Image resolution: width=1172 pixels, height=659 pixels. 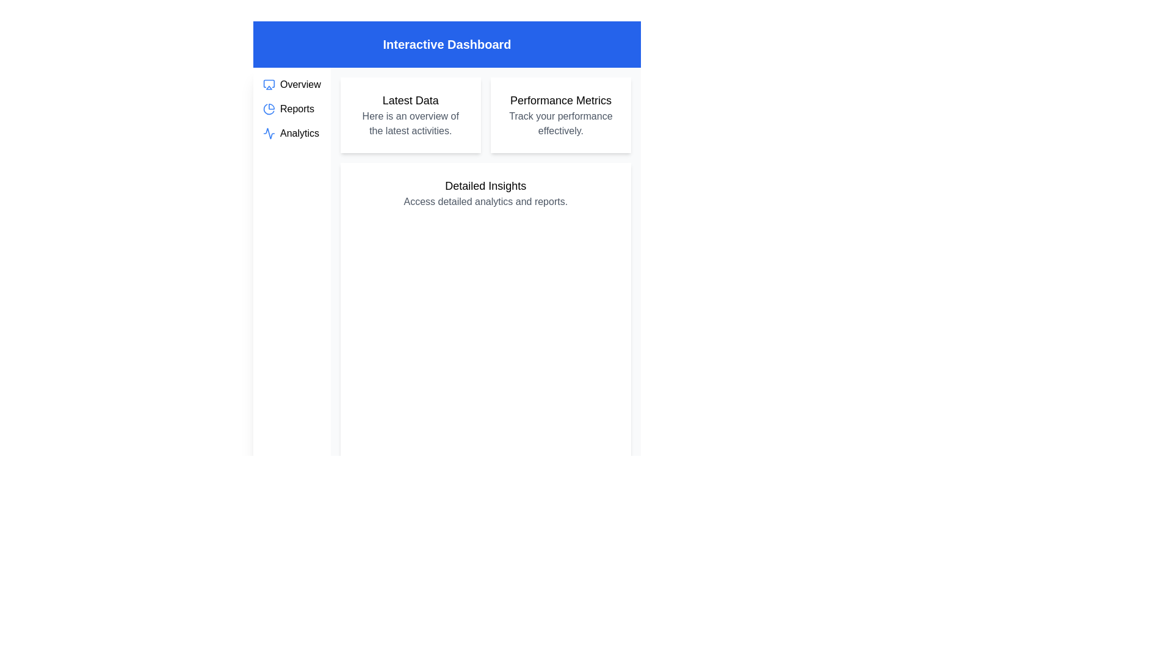 What do you see at coordinates (410, 124) in the screenshot?
I see `the descriptive text block that reads 'Here is an overview of the latest activities.' located within the white card titled 'Latest Data'` at bounding box center [410, 124].